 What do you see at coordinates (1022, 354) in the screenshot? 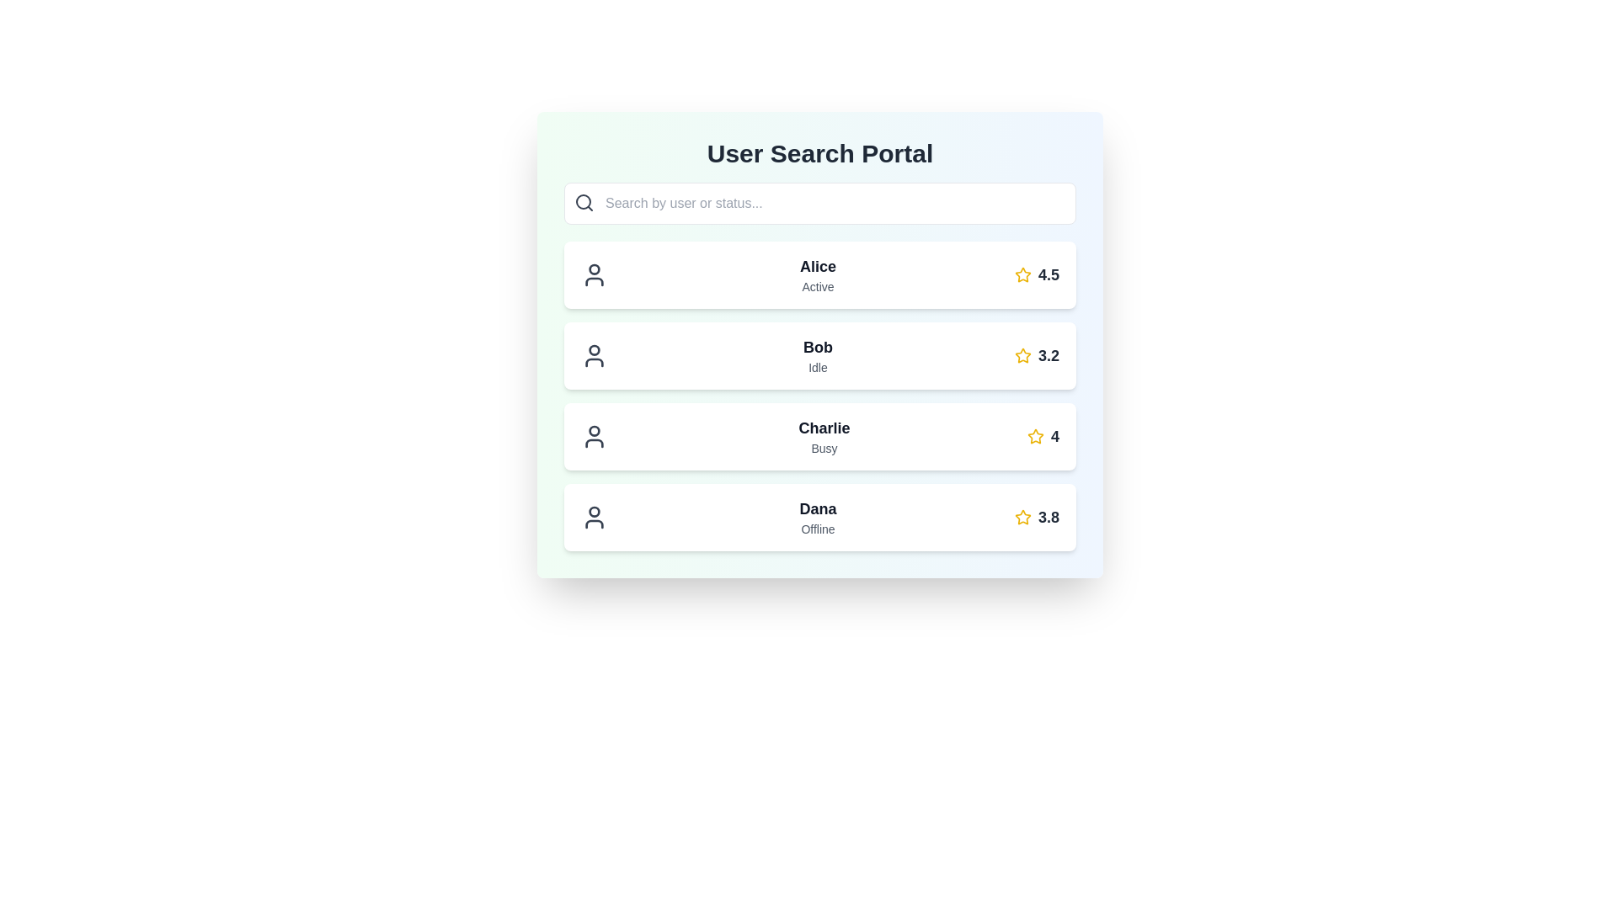
I see `the star icon representing the user's rating of 3.2 located to the right of Bob's rating description in the User Search Portal` at bounding box center [1022, 354].